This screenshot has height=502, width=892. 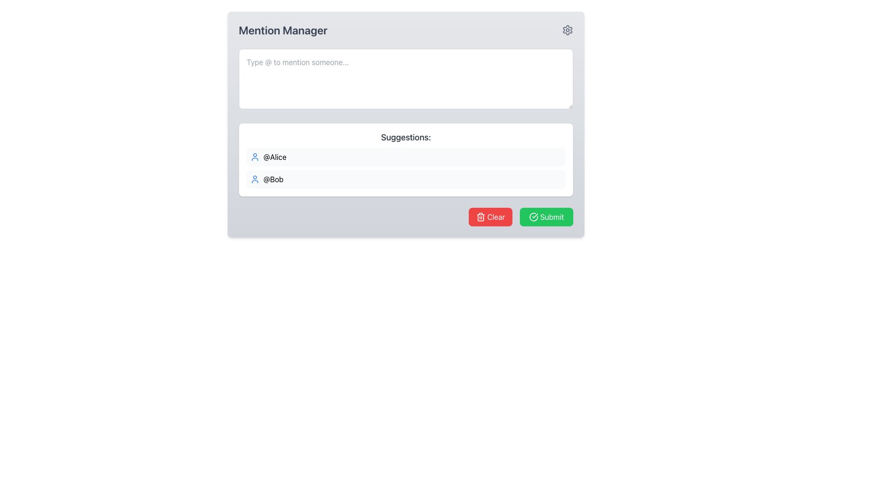 What do you see at coordinates (406, 179) in the screenshot?
I see `the second selectable list item in the suggestions box` at bounding box center [406, 179].